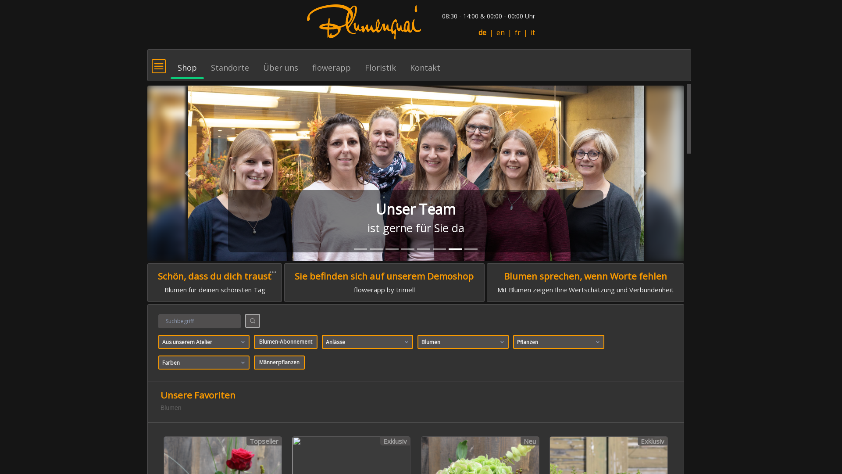  What do you see at coordinates (463, 341) in the screenshot?
I see `'Blumen'` at bounding box center [463, 341].